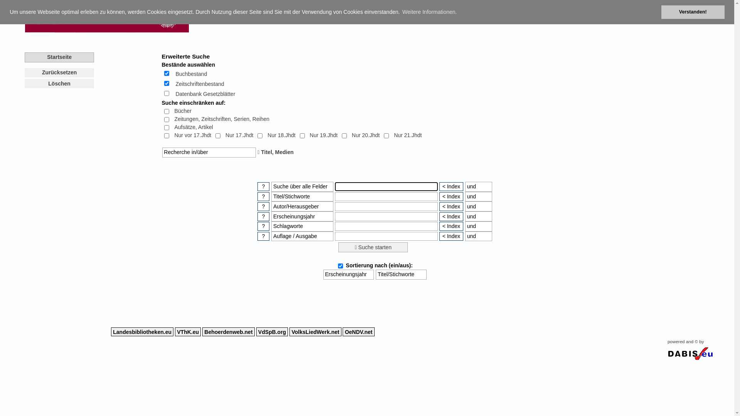 The height and width of the screenshot is (416, 740). Describe the element at coordinates (263, 216) in the screenshot. I see `' ? '` at that location.